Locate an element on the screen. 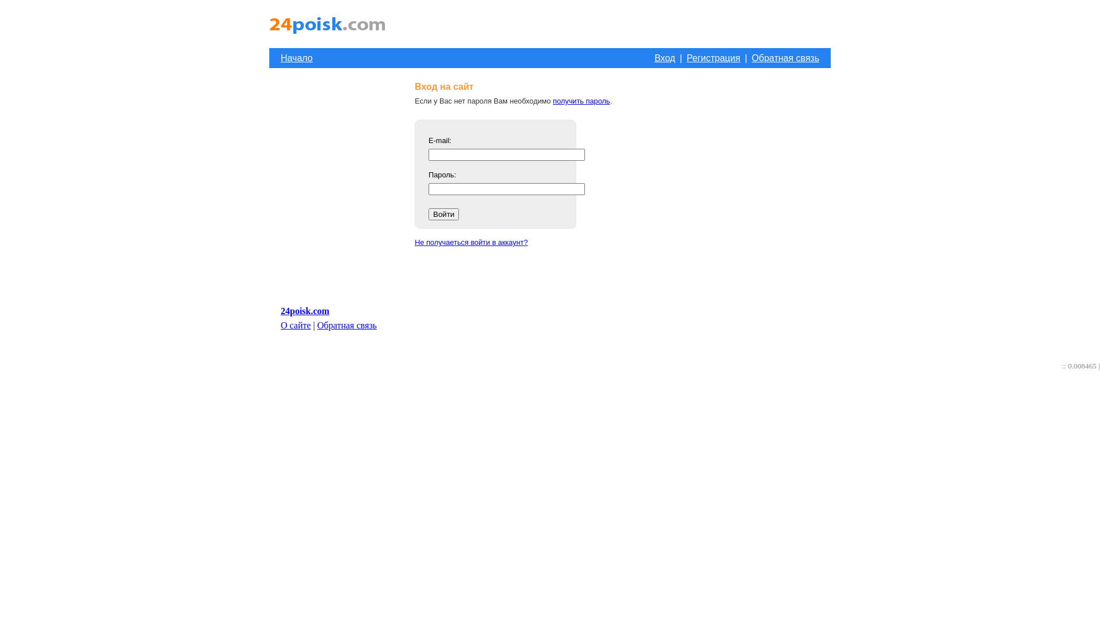 This screenshot has width=1100, height=618. '24poisk.com' is located at coordinates (280, 311).